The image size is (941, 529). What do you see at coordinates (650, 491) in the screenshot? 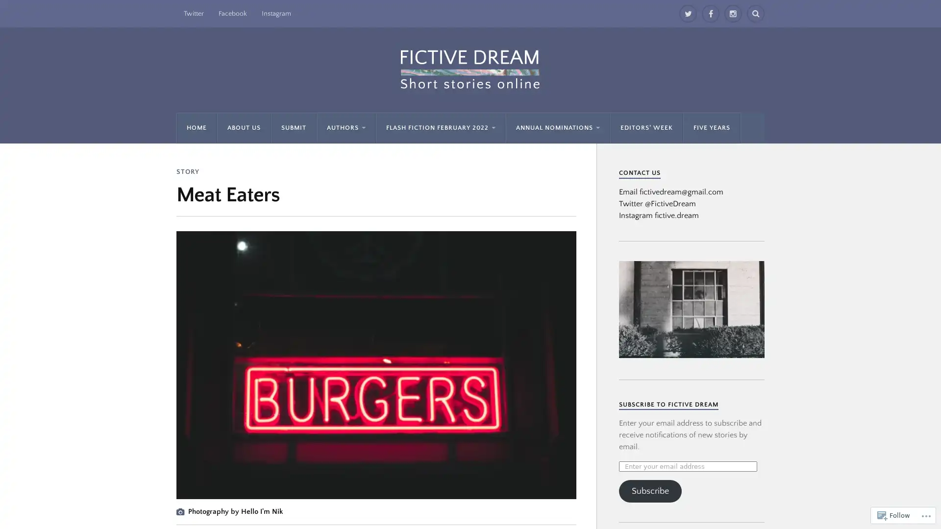
I see `Subscribe` at bounding box center [650, 491].